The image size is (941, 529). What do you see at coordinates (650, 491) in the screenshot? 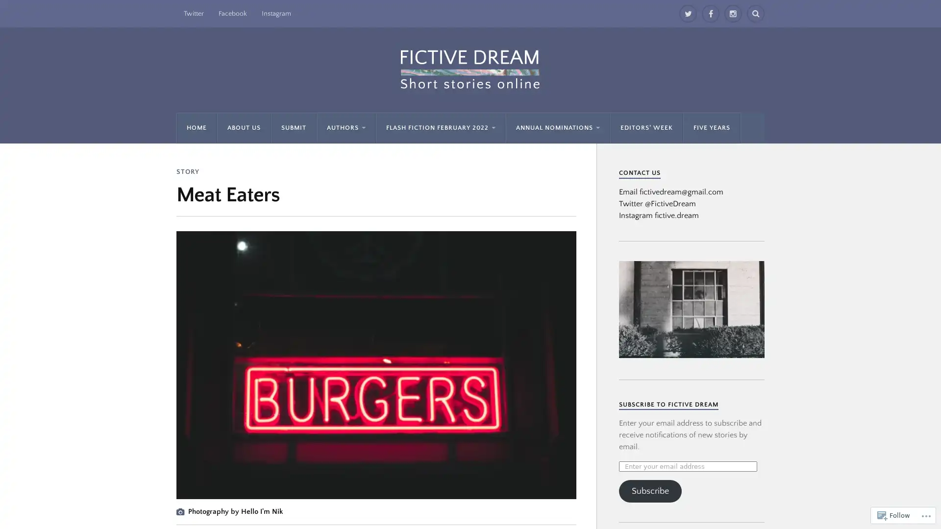
I see `Subscribe` at bounding box center [650, 491].